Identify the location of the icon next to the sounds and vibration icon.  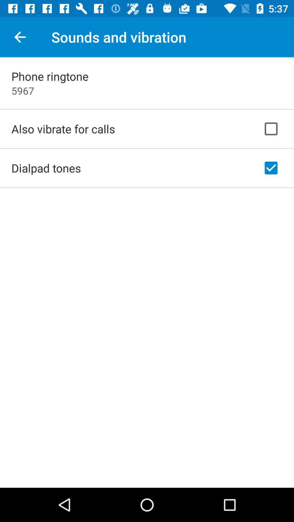
(20, 37).